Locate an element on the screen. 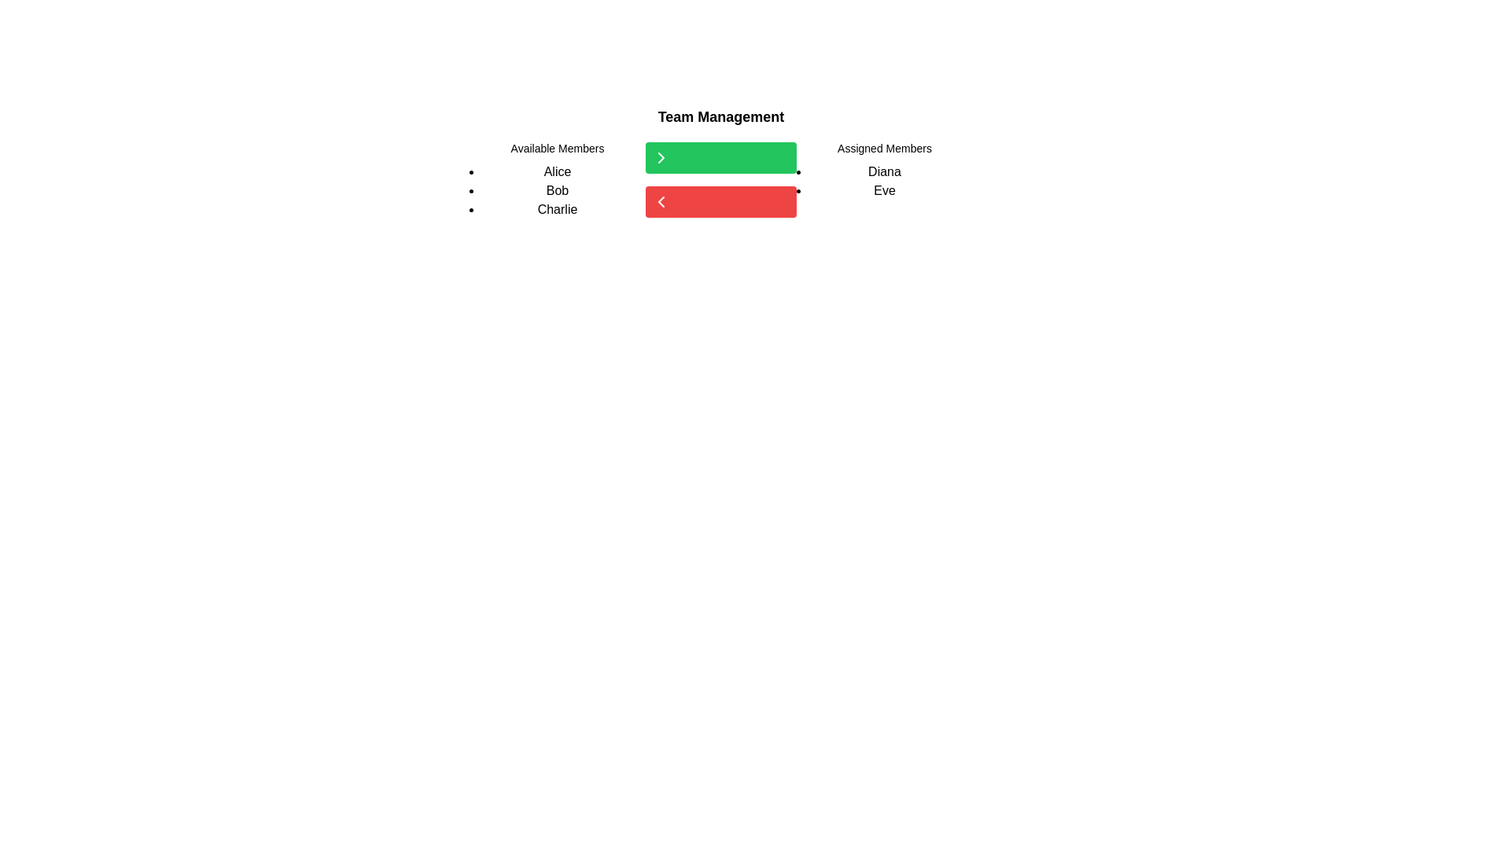 The height and width of the screenshot is (849, 1510). the text label representing 'Bob' in the 'Available Members' list is located at coordinates (558, 190).